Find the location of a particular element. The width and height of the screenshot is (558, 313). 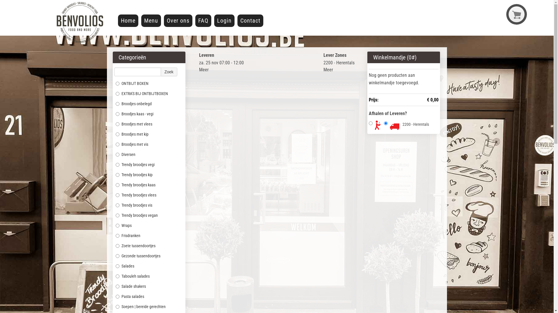

'Meer' is located at coordinates (204, 69).